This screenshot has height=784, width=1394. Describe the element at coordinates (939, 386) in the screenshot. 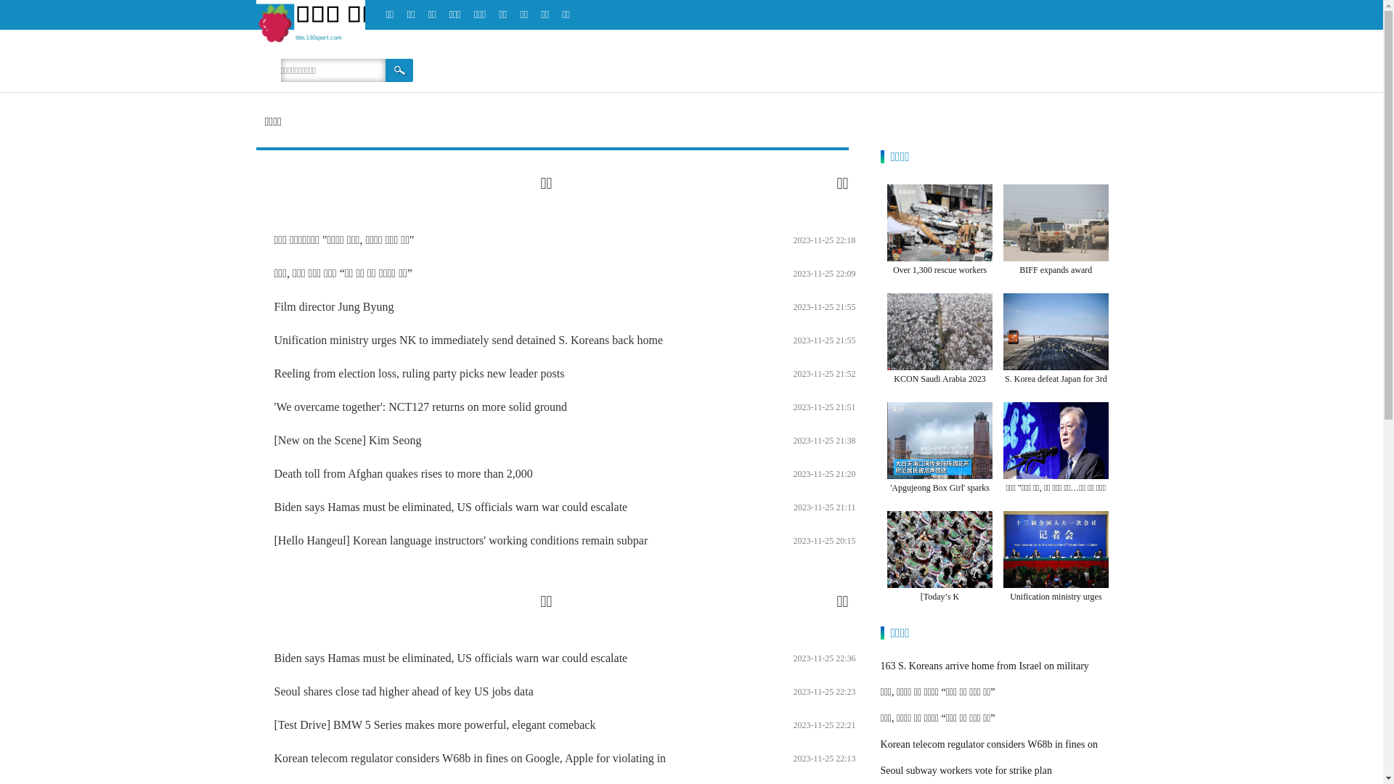

I see `'KCON Saudi Arabia 2023 attracts 23,000 K'` at that location.